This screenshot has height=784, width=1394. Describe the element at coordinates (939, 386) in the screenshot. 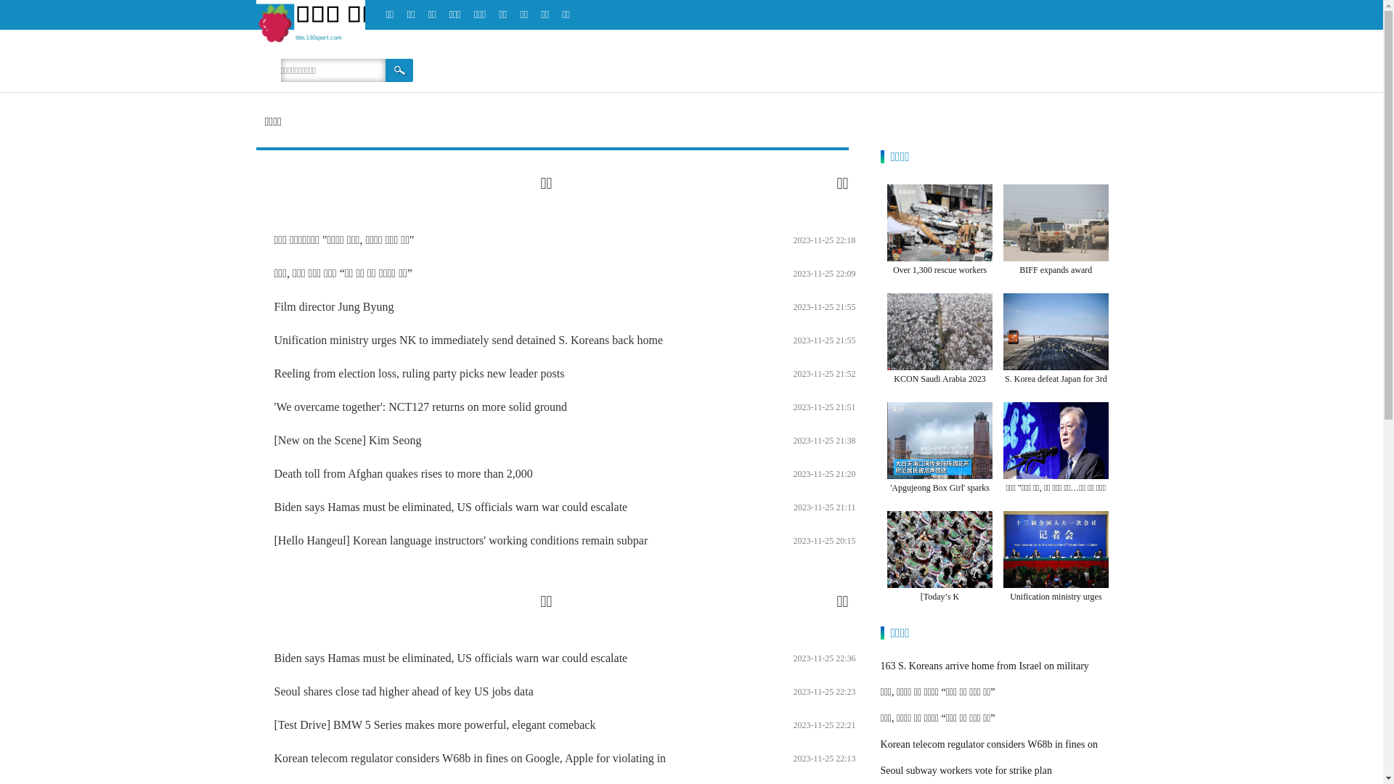

I see `'KCON Saudi Arabia 2023 attracts 23,000 K'` at that location.